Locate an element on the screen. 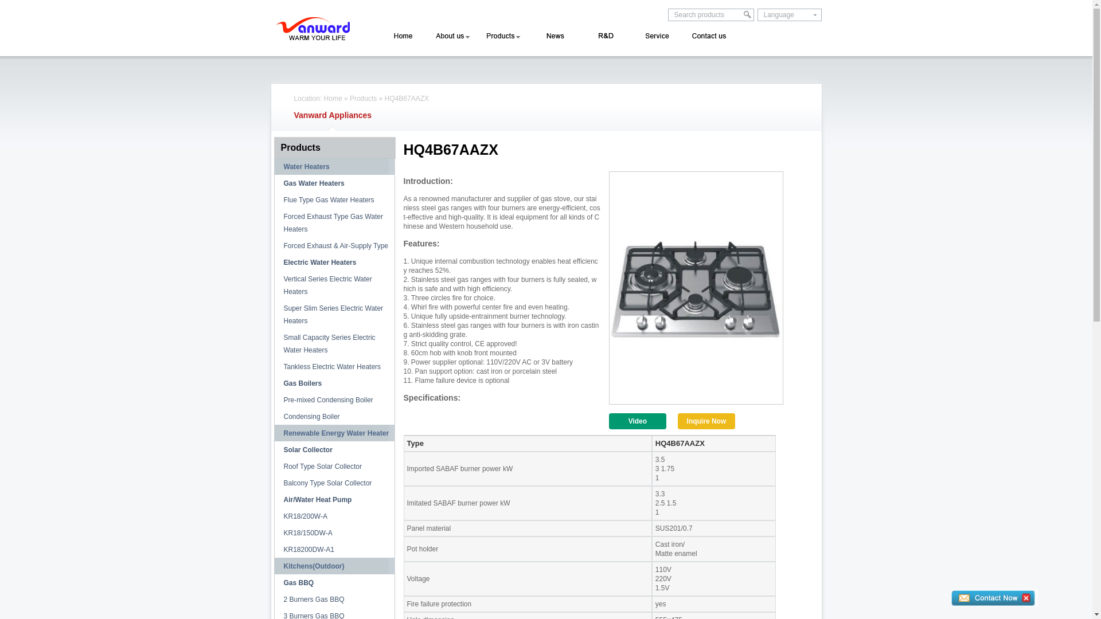 This screenshot has height=619, width=1101. 'Search products' is located at coordinates (669, 15).